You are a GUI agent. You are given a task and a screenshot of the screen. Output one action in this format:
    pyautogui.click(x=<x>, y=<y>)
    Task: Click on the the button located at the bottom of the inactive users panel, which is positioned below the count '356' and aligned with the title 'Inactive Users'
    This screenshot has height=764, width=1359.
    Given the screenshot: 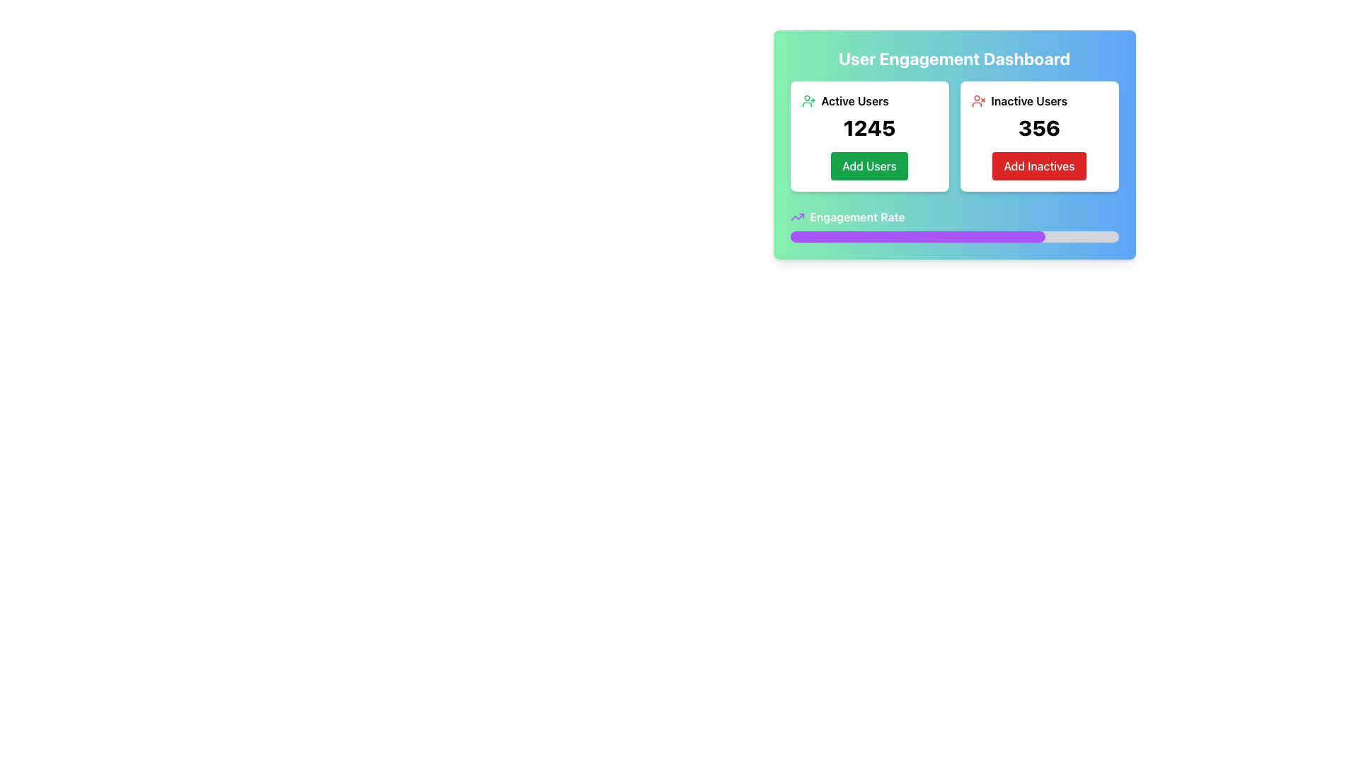 What is the action you would take?
    pyautogui.click(x=1039, y=166)
    